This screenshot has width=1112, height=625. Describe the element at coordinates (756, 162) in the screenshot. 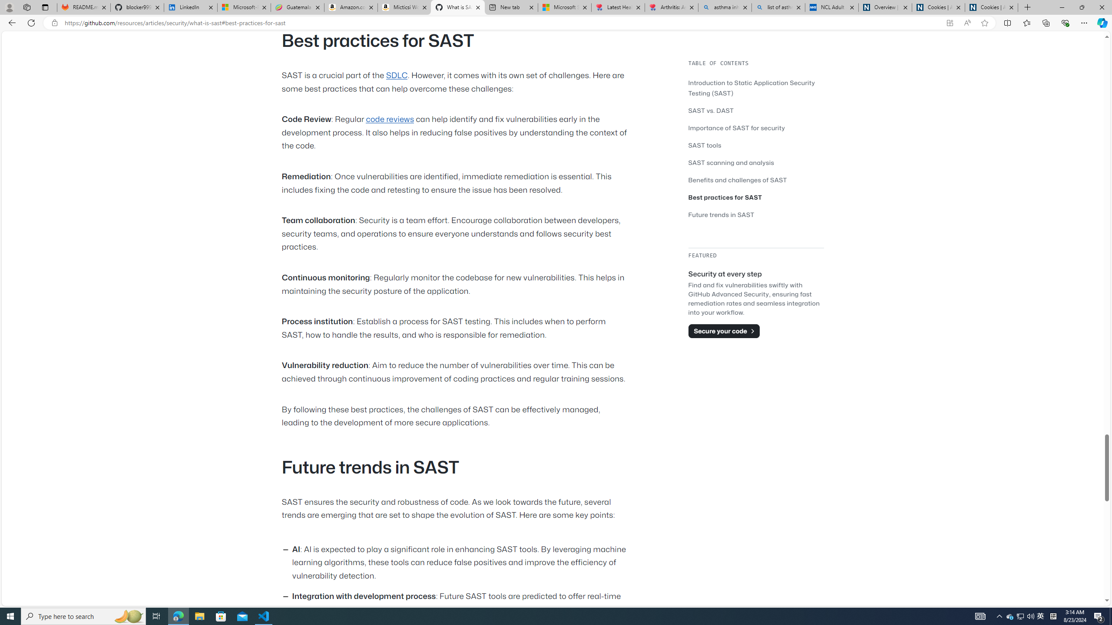

I see `'SAST scanning and analysis'` at that location.